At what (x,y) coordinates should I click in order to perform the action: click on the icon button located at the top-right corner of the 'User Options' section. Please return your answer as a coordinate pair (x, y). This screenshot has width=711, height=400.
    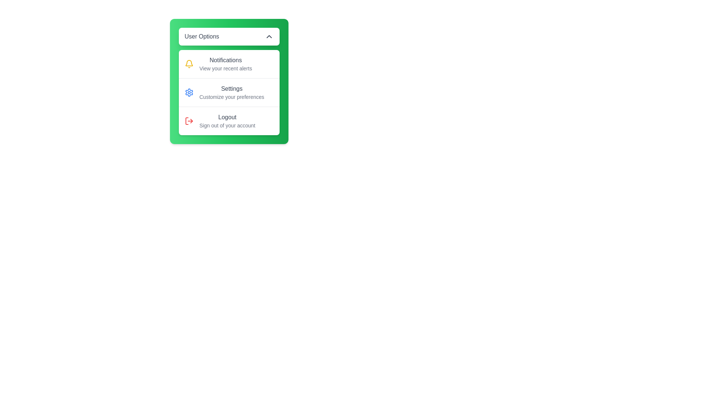
    Looking at the image, I should click on (268, 37).